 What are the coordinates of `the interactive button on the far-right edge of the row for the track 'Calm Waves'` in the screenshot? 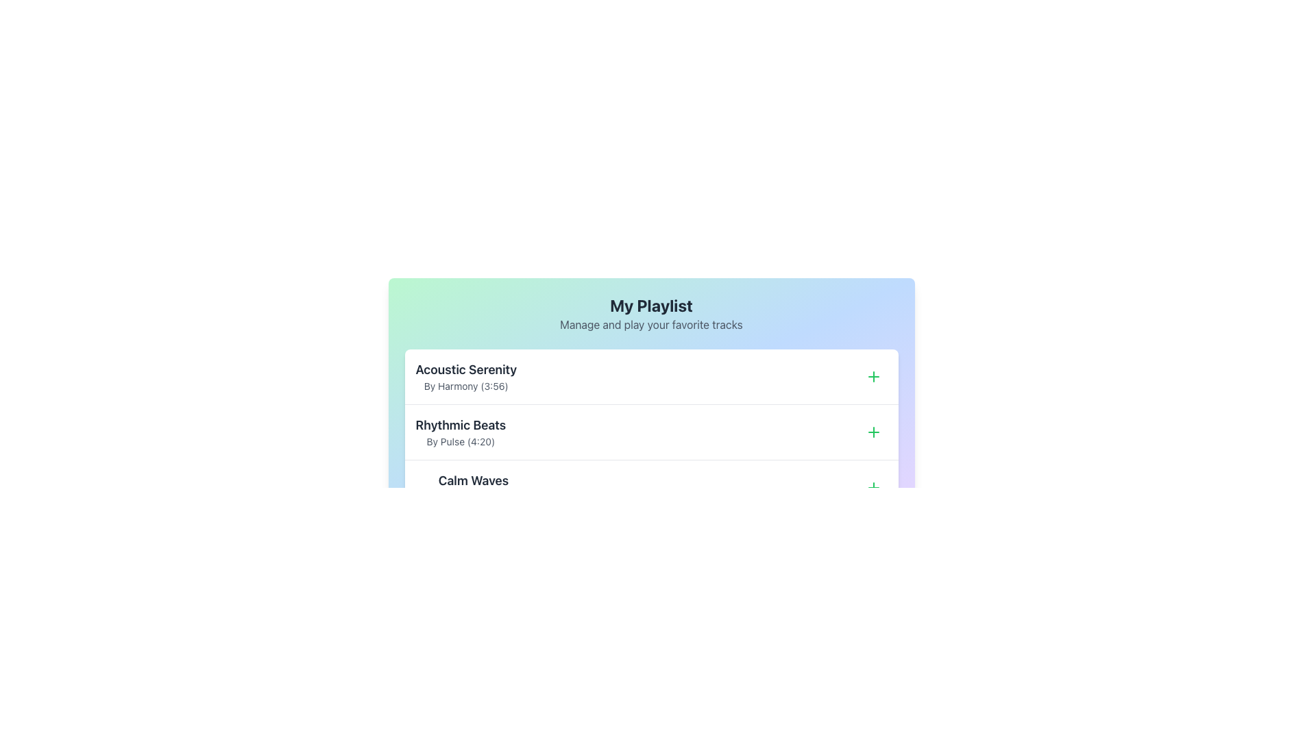 It's located at (873, 487).